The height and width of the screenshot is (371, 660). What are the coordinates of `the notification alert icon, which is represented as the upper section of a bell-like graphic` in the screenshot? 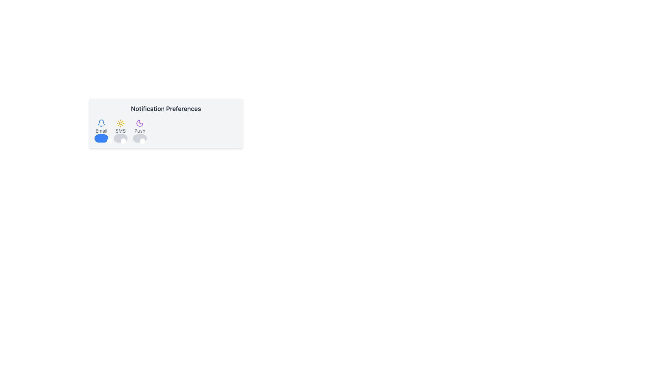 It's located at (101, 122).